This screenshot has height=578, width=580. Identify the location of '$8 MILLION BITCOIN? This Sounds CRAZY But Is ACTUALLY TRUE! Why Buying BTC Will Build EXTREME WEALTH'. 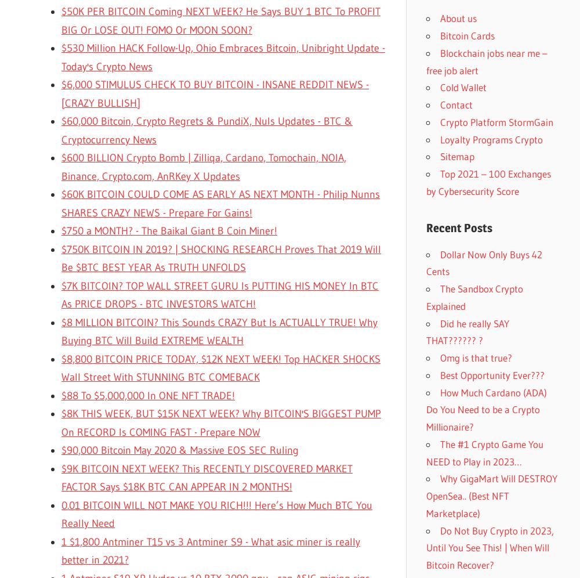
(219, 331).